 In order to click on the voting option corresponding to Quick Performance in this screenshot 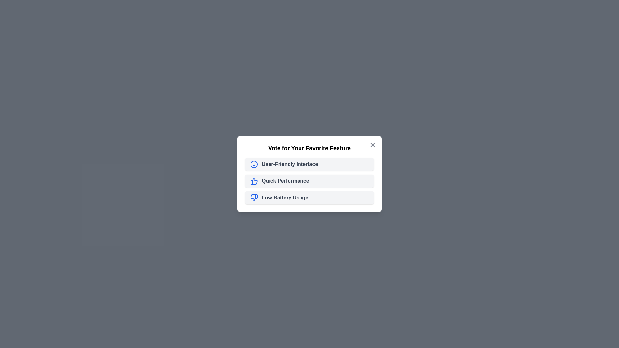, I will do `click(309, 181)`.